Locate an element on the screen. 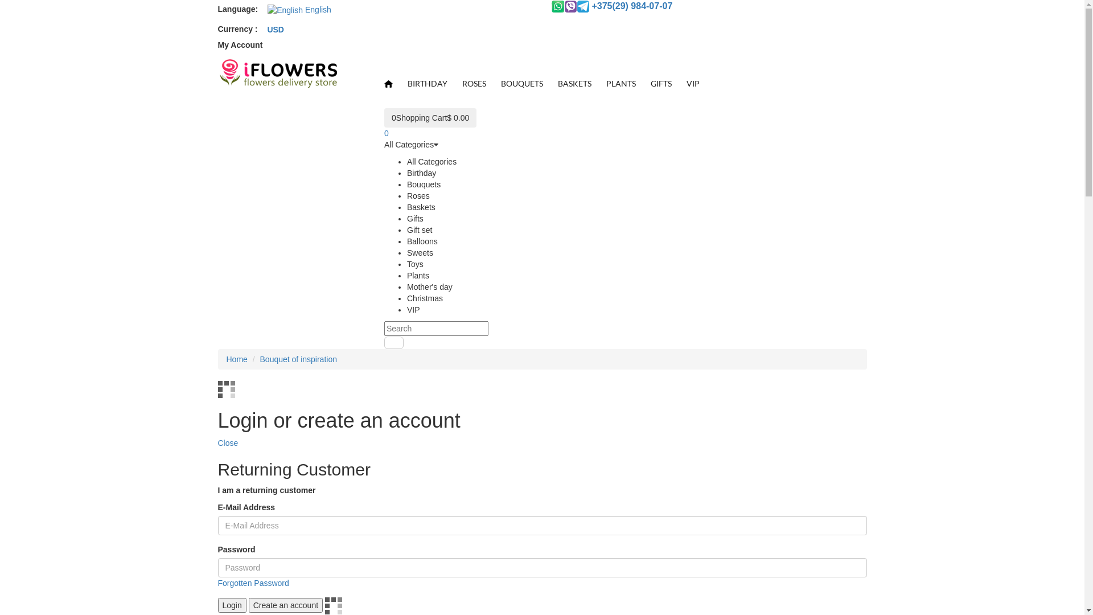 This screenshot has height=615, width=1093. 'Forgotten Password' is located at coordinates (252, 583).